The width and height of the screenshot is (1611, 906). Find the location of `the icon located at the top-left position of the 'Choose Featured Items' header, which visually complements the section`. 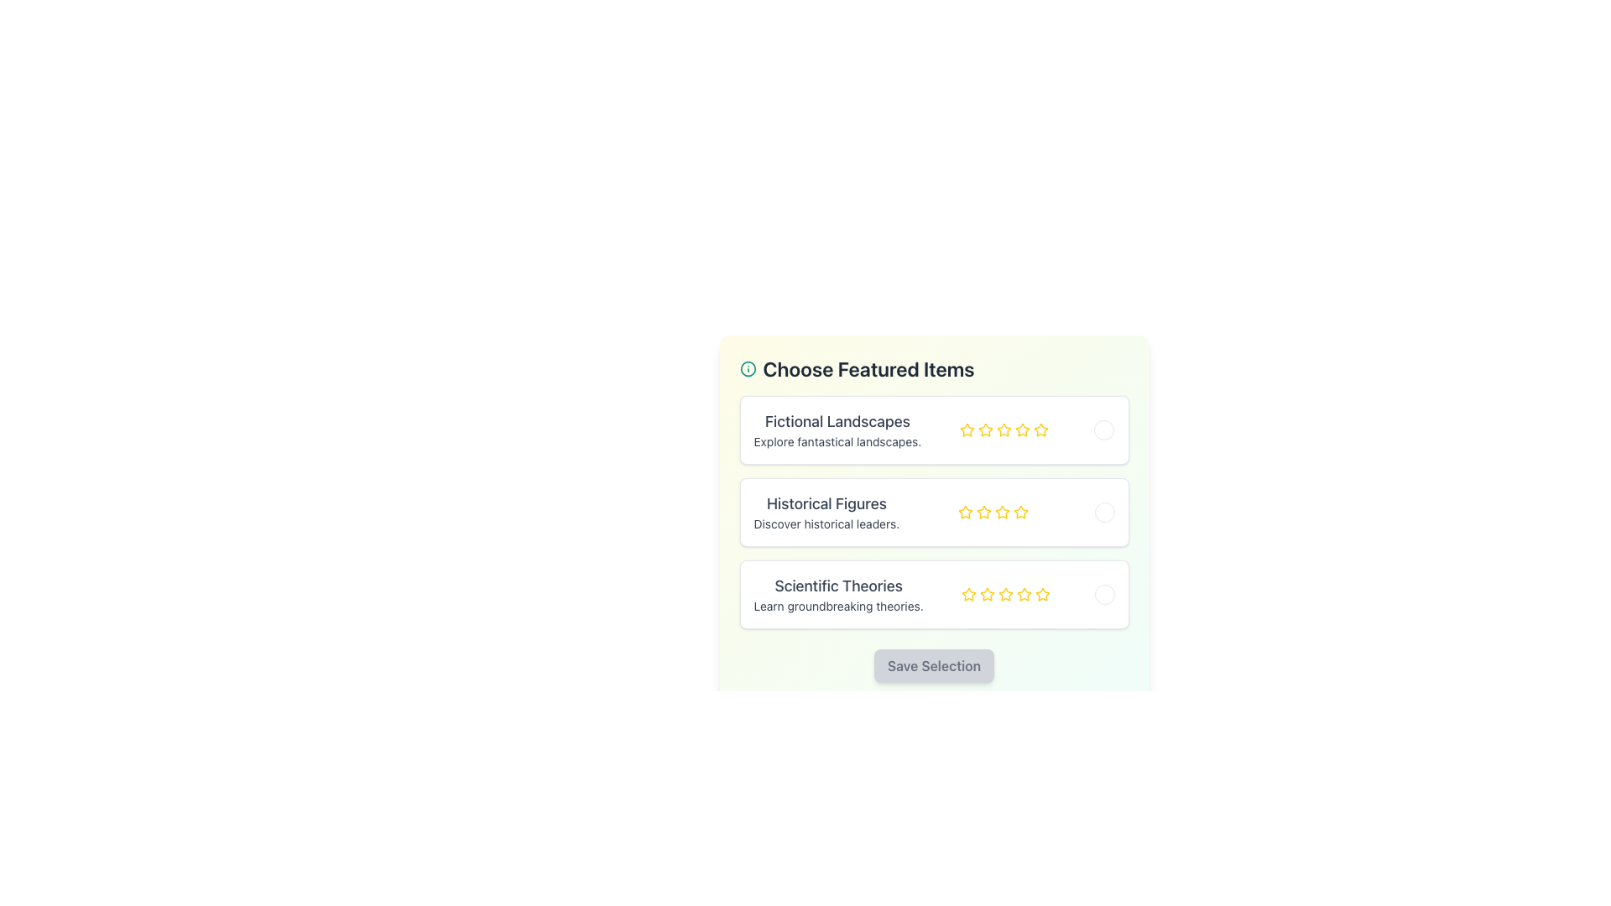

the icon located at the top-left position of the 'Choose Featured Items' header, which visually complements the section is located at coordinates (747, 367).